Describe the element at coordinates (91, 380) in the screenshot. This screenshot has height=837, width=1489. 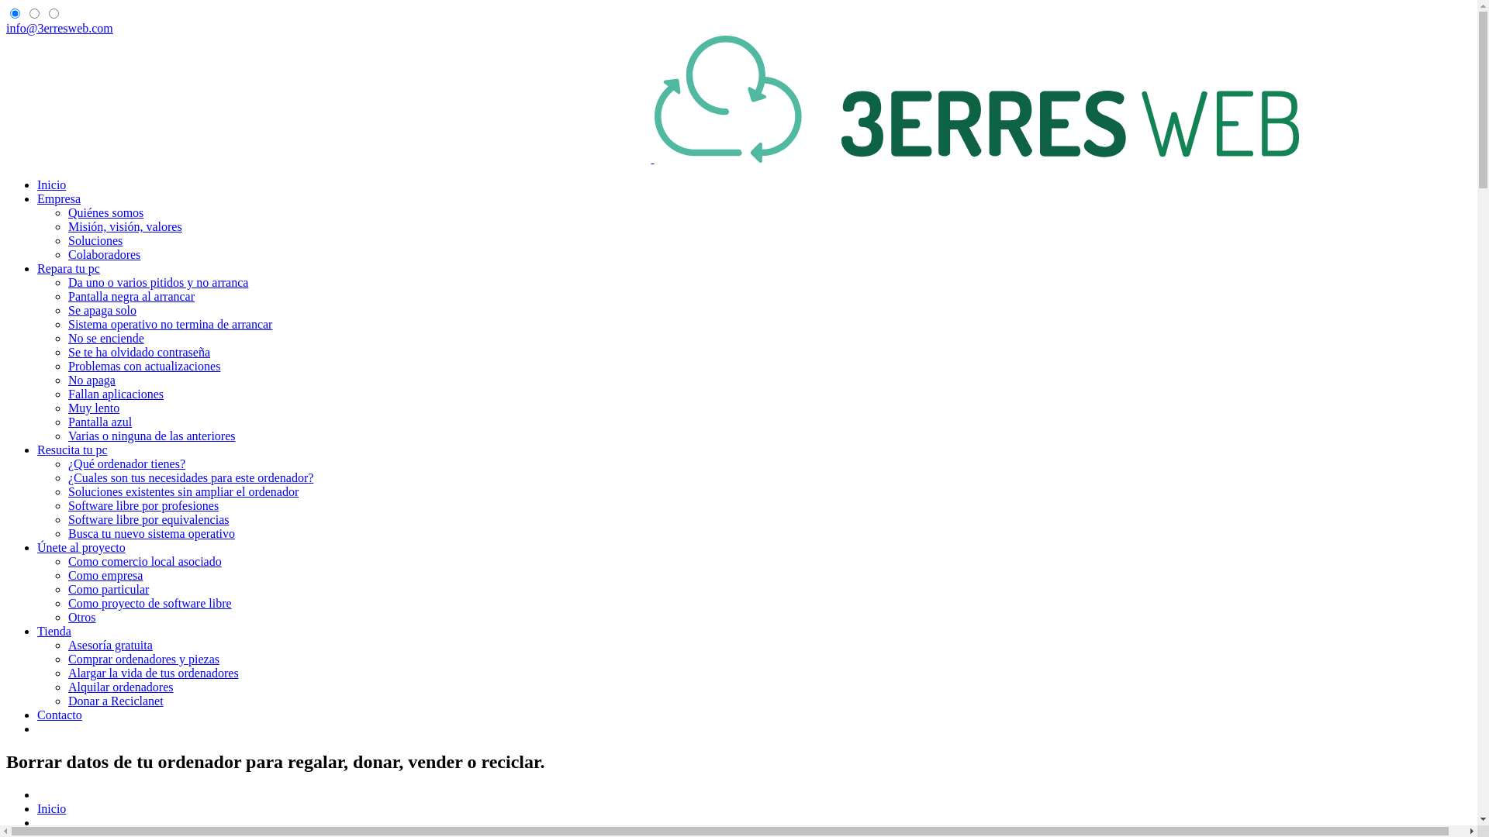
I see `'No apaga'` at that location.